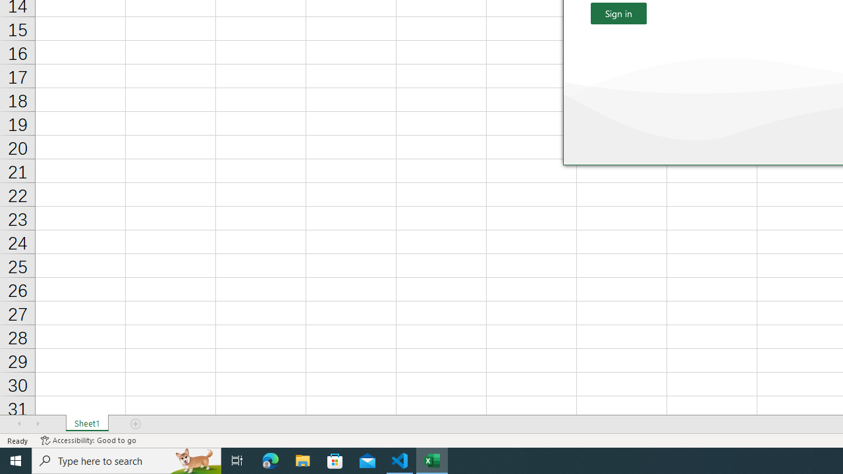  Describe the element at coordinates (38, 424) in the screenshot. I see `'Scroll Right'` at that location.